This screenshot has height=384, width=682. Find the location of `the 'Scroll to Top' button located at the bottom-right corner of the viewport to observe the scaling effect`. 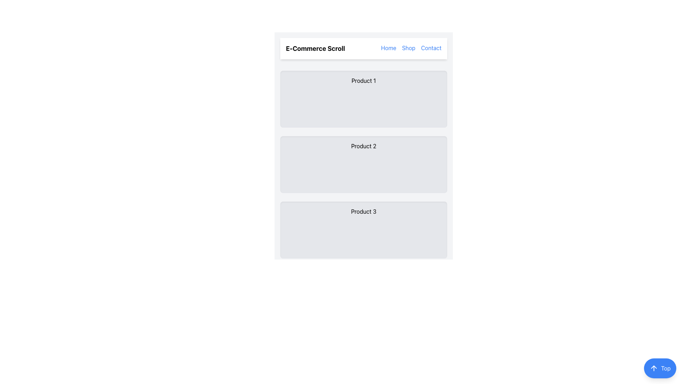

the 'Scroll to Top' button located at the bottom-right corner of the viewport to observe the scaling effect is located at coordinates (660, 368).